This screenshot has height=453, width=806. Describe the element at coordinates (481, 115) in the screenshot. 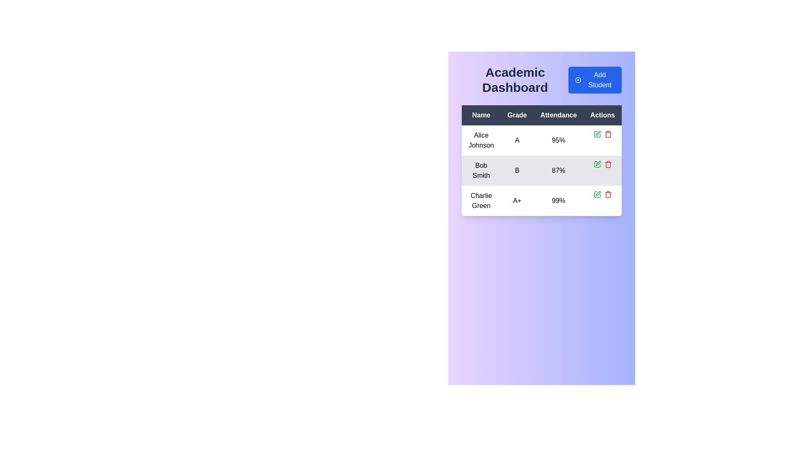

I see `text from the Table Header that indicates the names column, which is the first header in the table` at that location.